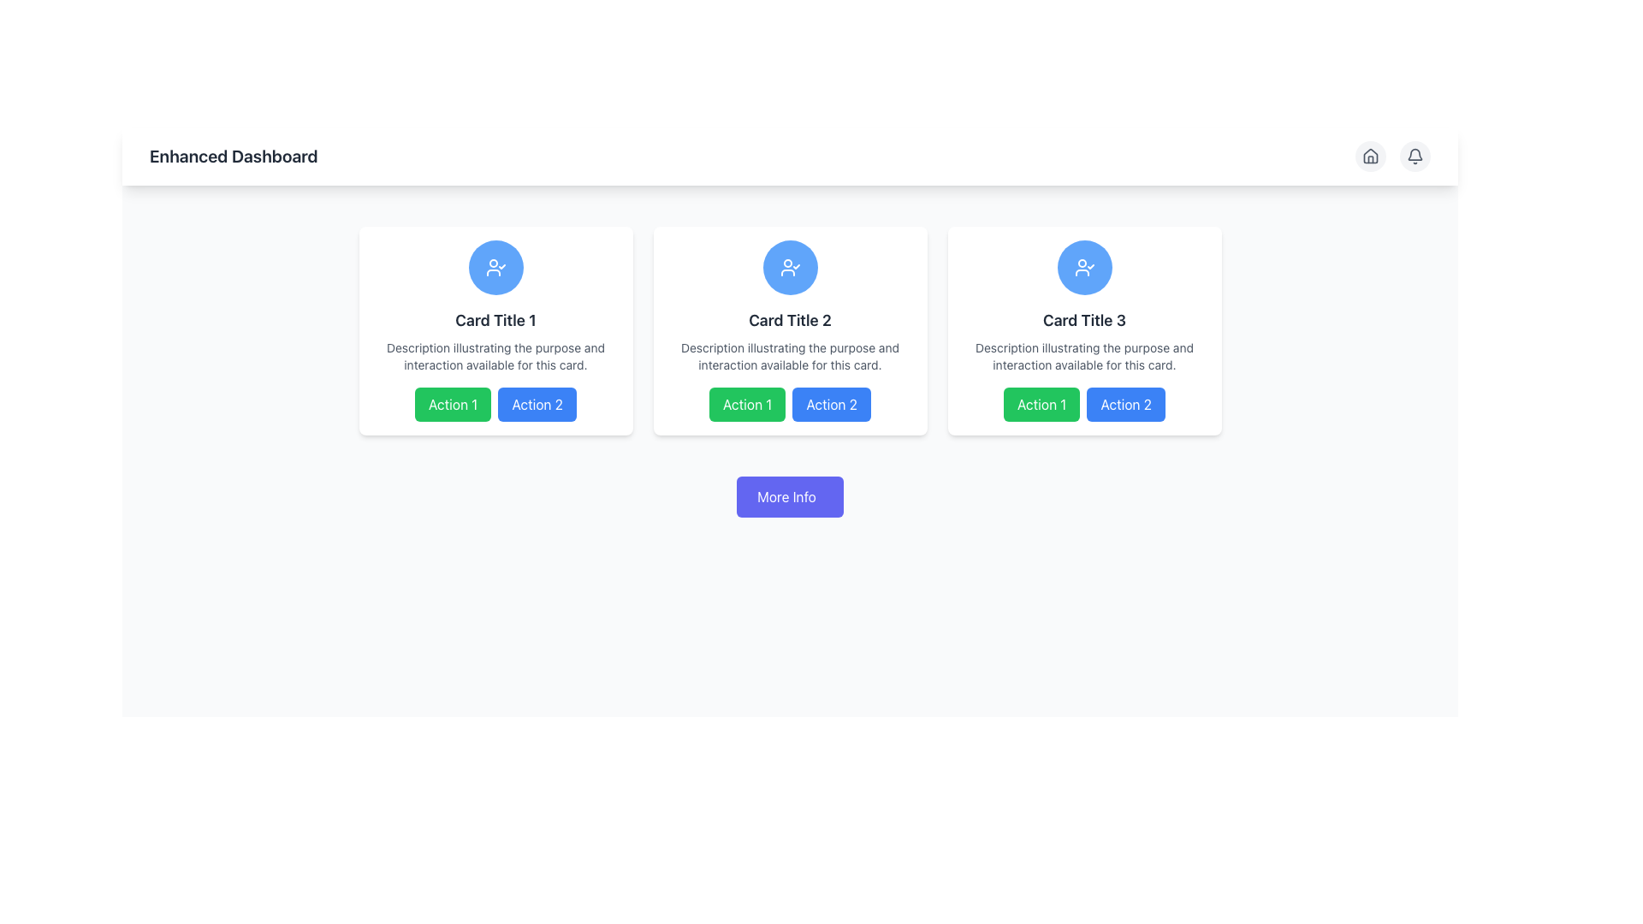 The image size is (1643, 924). What do you see at coordinates (537, 405) in the screenshot?
I see `the button labeled 'Action 2' located to the right of the 'Action 1' button within the 'Card Title 1' section` at bounding box center [537, 405].